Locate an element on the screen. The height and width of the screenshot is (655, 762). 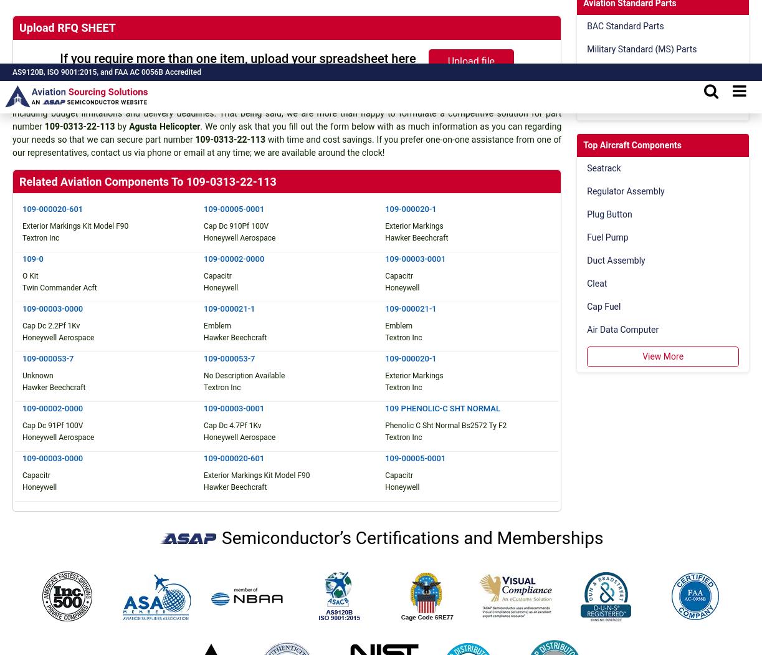
'Quick Links' is located at coordinates (255, 265).